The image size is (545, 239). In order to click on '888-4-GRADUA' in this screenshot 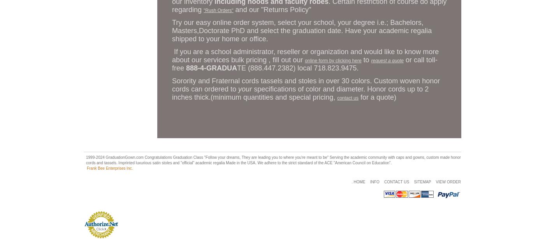, I will do `click(185, 67)`.